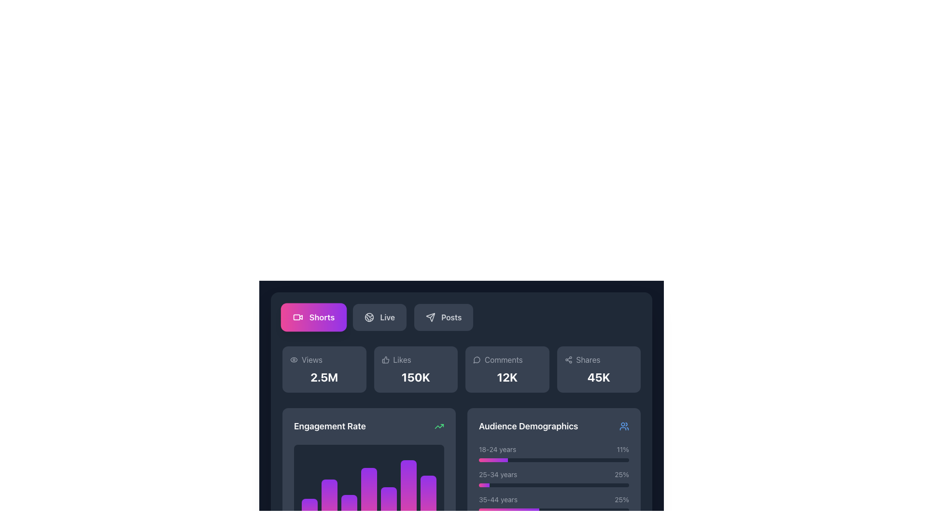 This screenshot has width=927, height=521. Describe the element at coordinates (503, 359) in the screenshot. I see `the label describing the statistical data related` at that location.